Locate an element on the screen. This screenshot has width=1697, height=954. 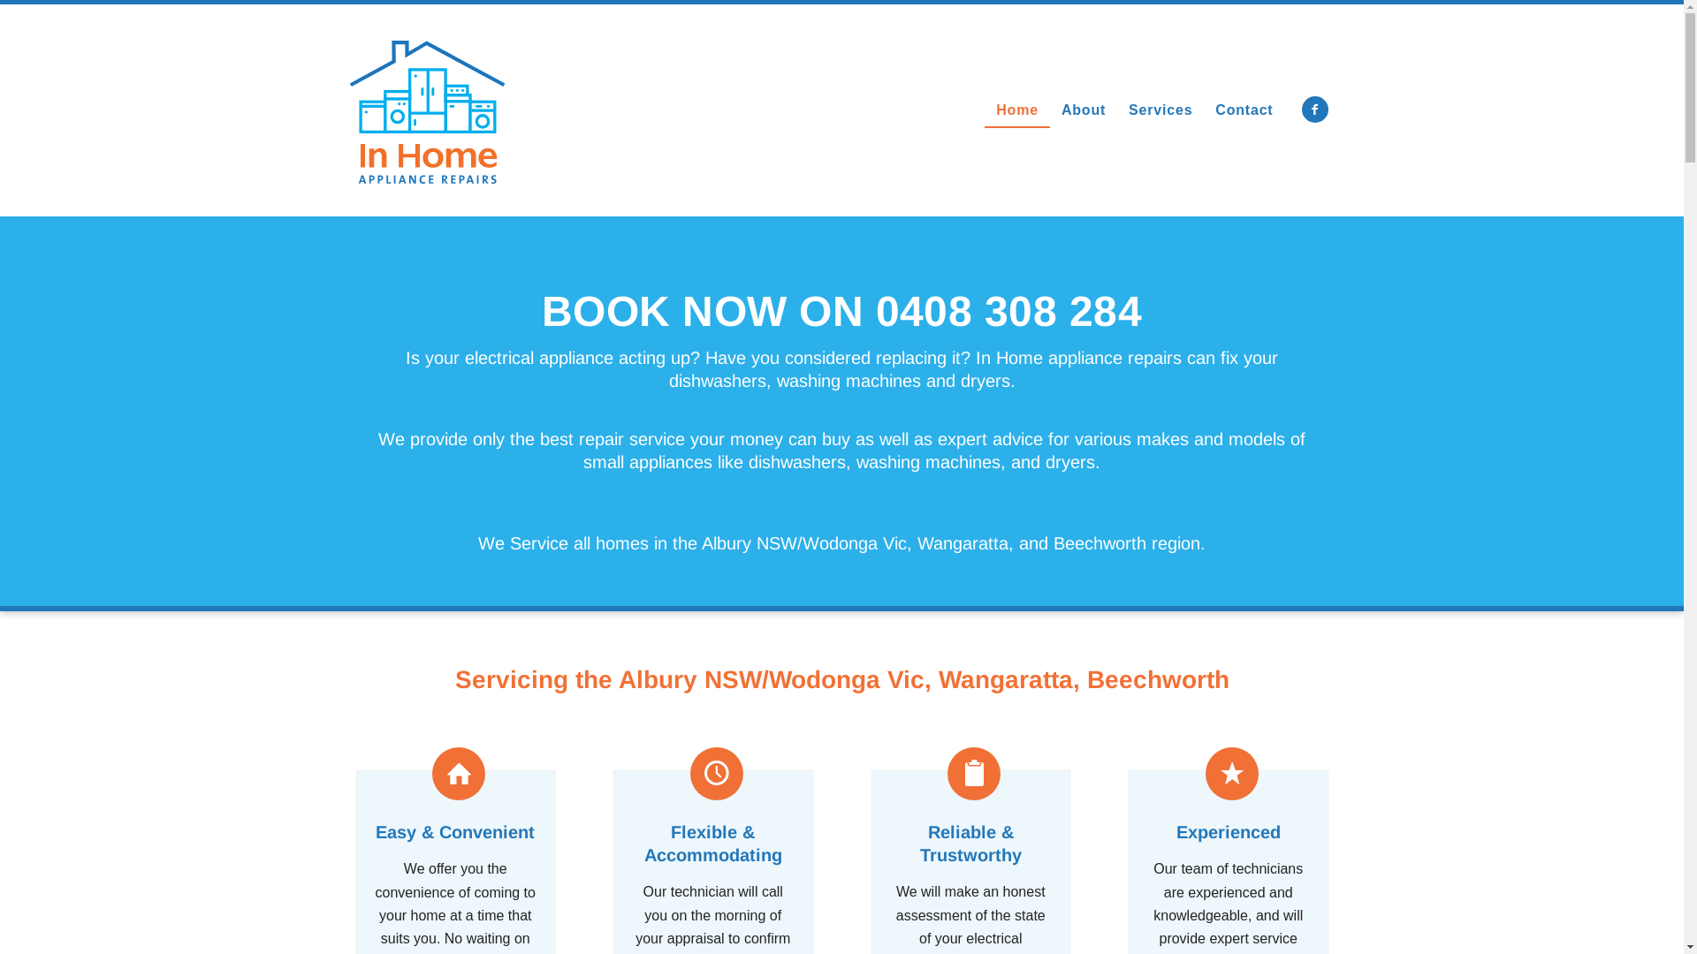
'About' is located at coordinates (1050, 110).